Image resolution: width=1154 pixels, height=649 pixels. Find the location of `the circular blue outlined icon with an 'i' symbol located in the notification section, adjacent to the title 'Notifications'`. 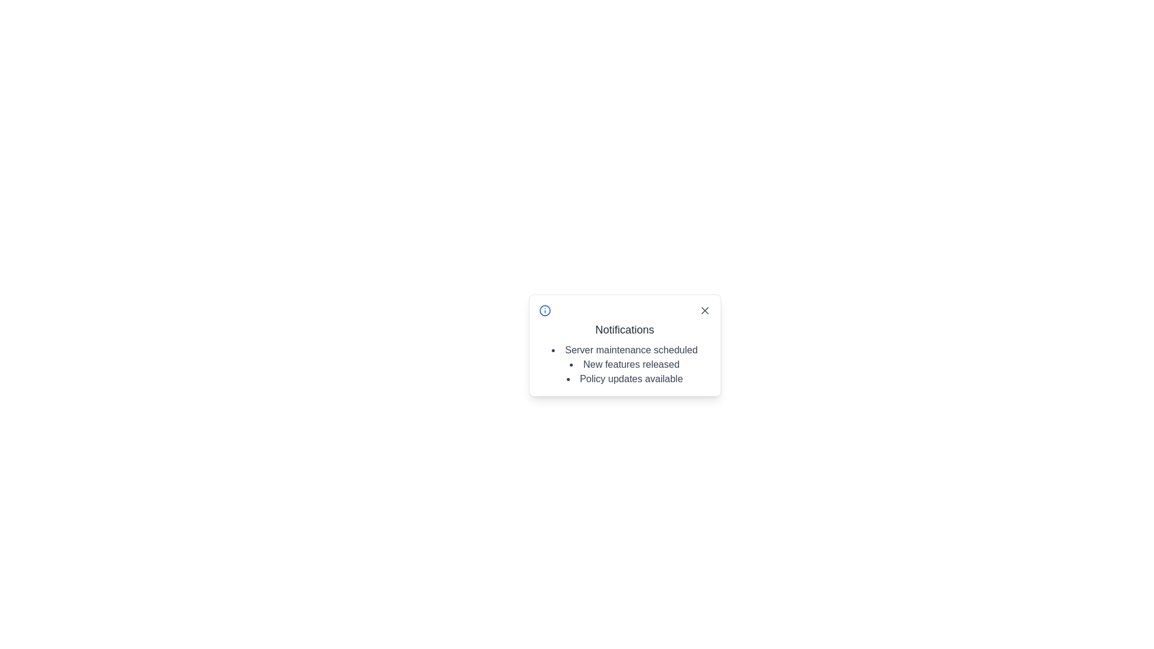

the circular blue outlined icon with an 'i' symbol located in the notification section, adjacent to the title 'Notifications' is located at coordinates (544, 309).